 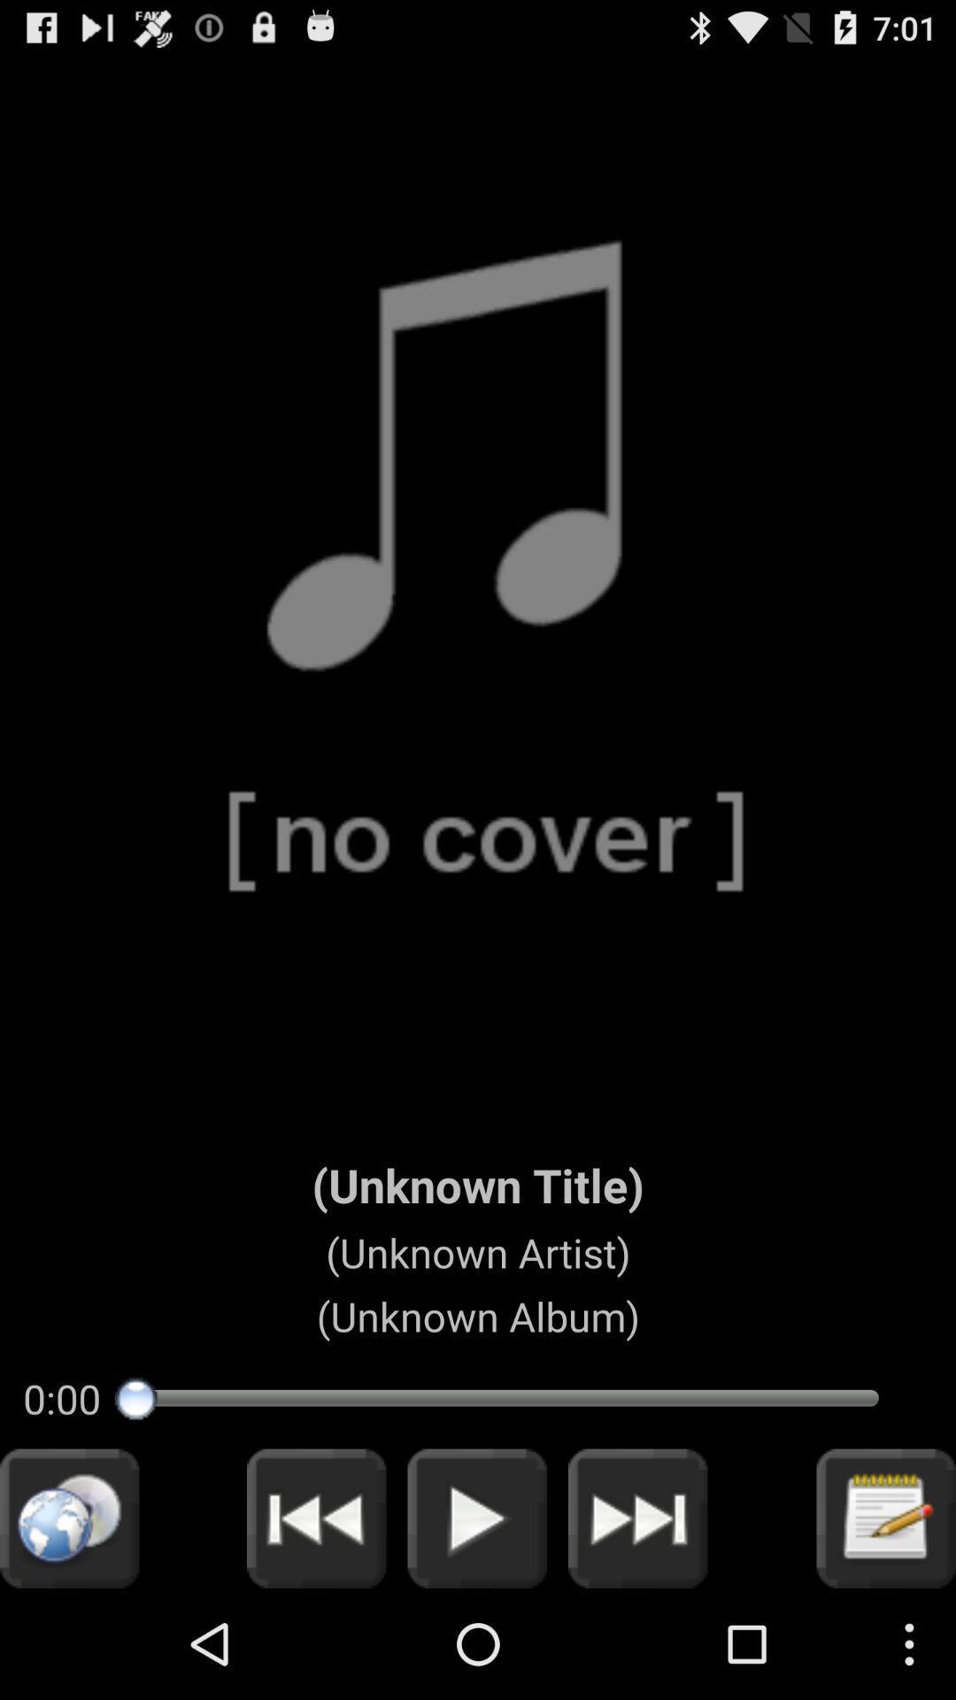 What do you see at coordinates (68, 1625) in the screenshot?
I see `the globe icon` at bounding box center [68, 1625].